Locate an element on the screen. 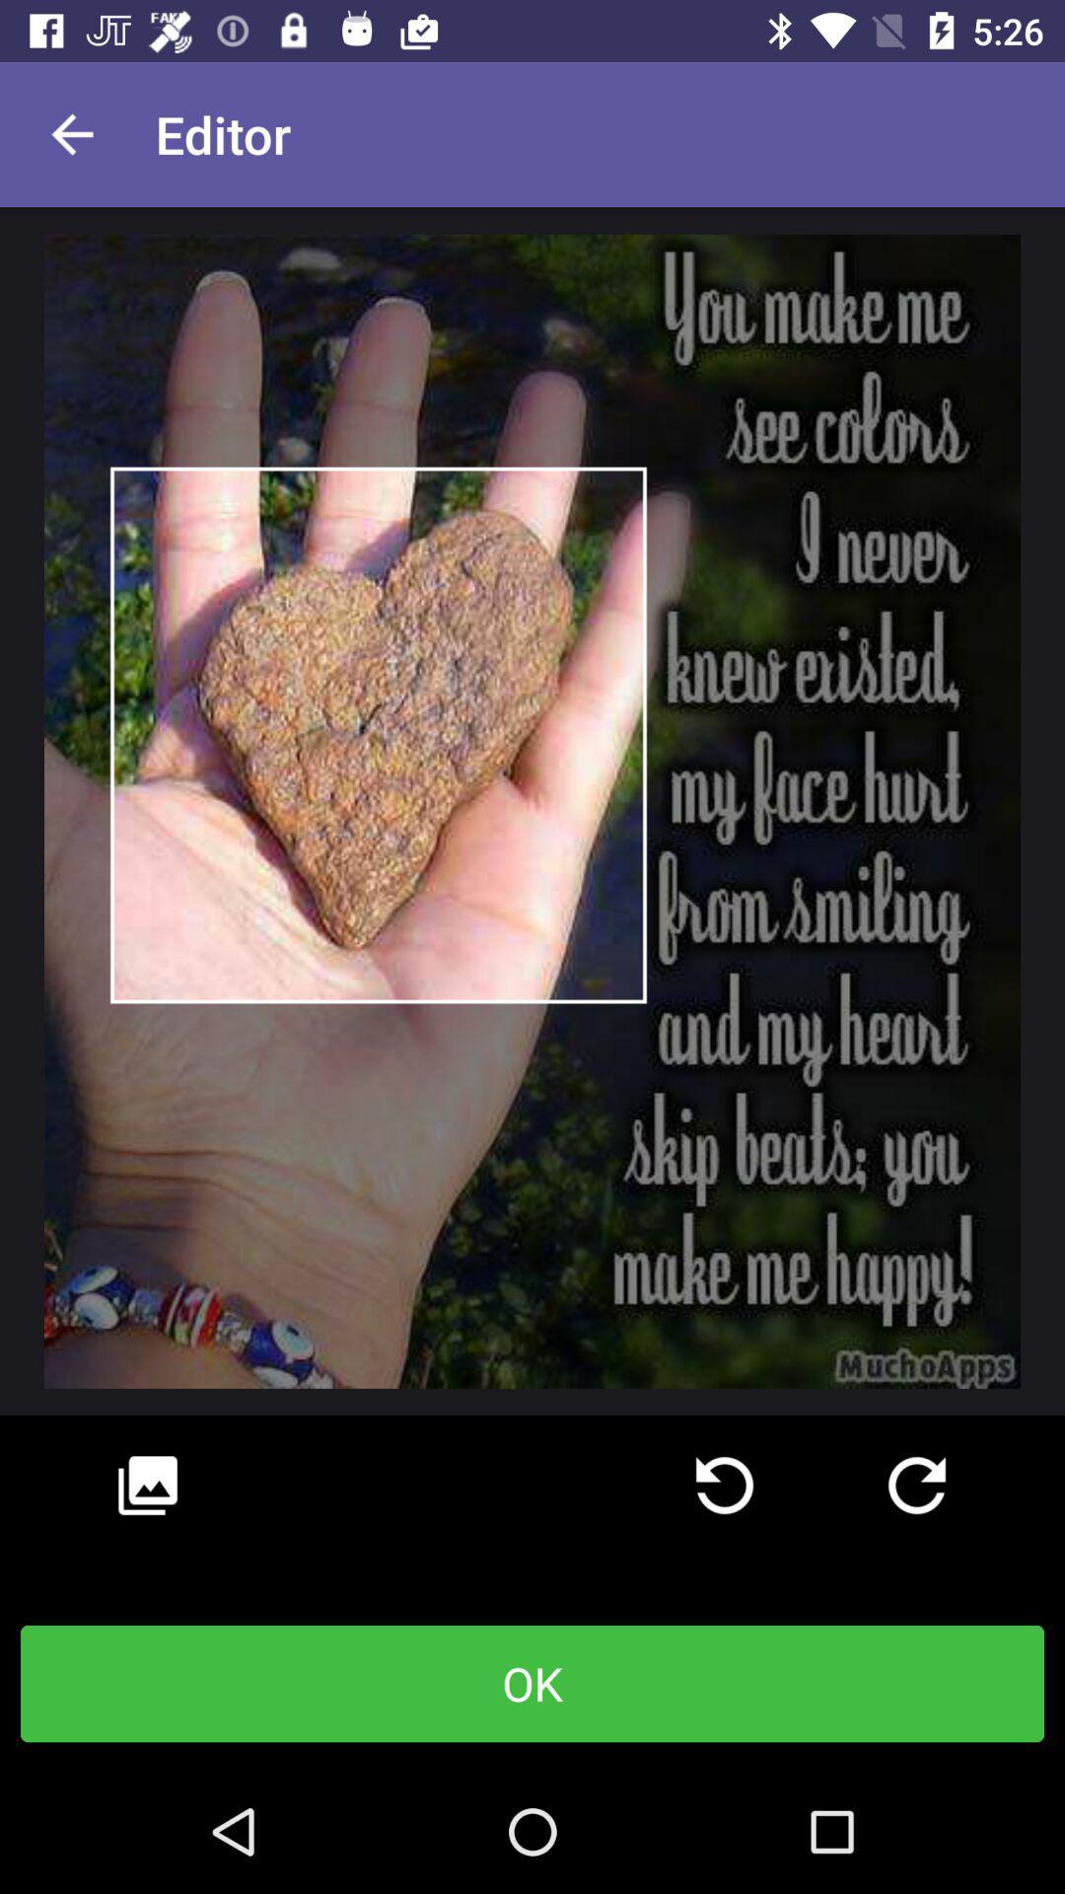  refresh is located at coordinates (725, 1486).